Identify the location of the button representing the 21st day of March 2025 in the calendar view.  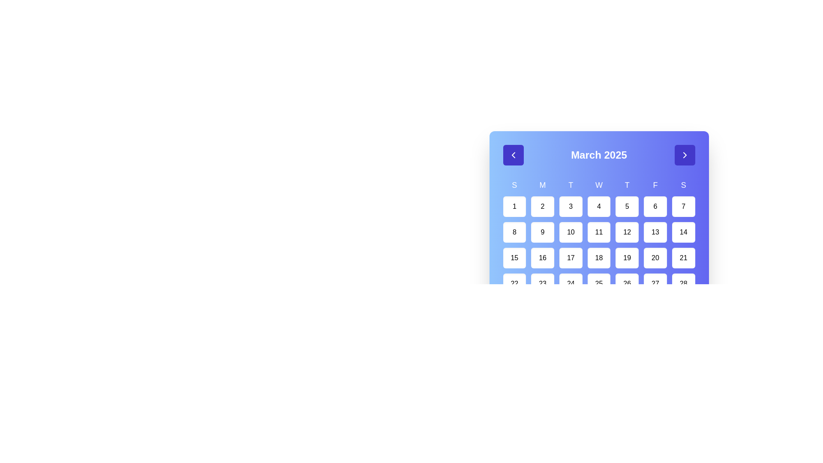
(683, 257).